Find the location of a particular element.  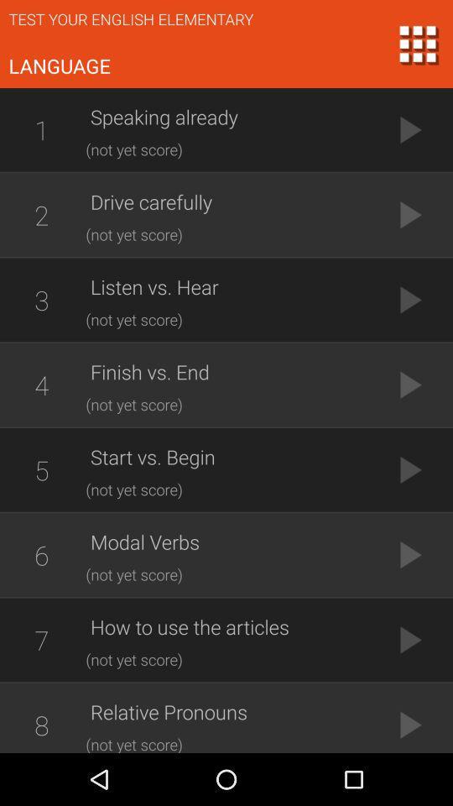

open menu is located at coordinates (416, 43).